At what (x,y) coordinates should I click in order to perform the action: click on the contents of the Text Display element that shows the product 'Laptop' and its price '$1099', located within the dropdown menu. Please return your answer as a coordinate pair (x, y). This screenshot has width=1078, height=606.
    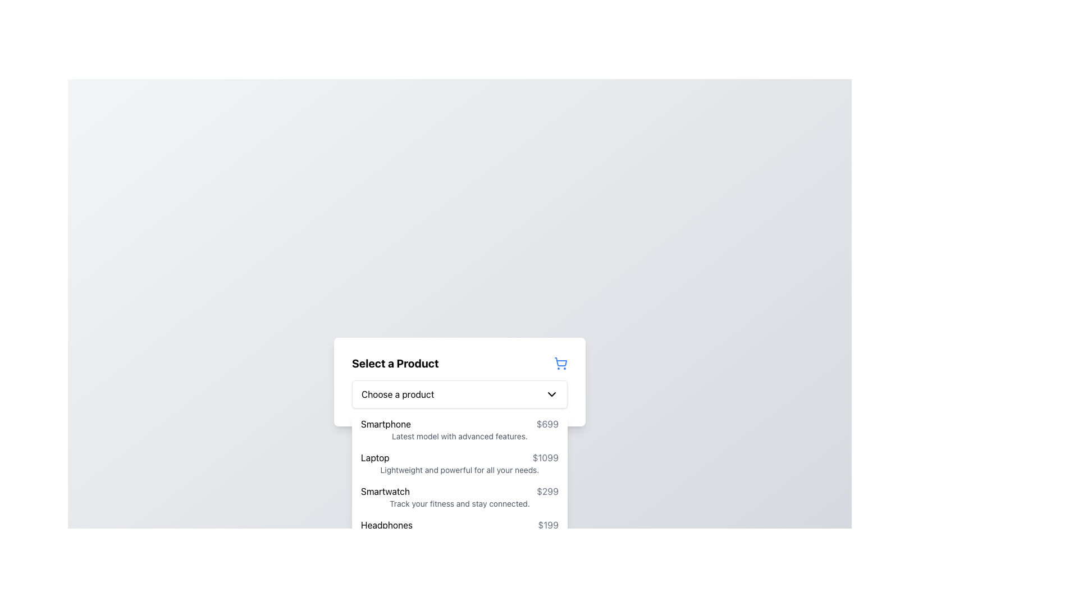
    Looking at the image, I should click on (460, 458).